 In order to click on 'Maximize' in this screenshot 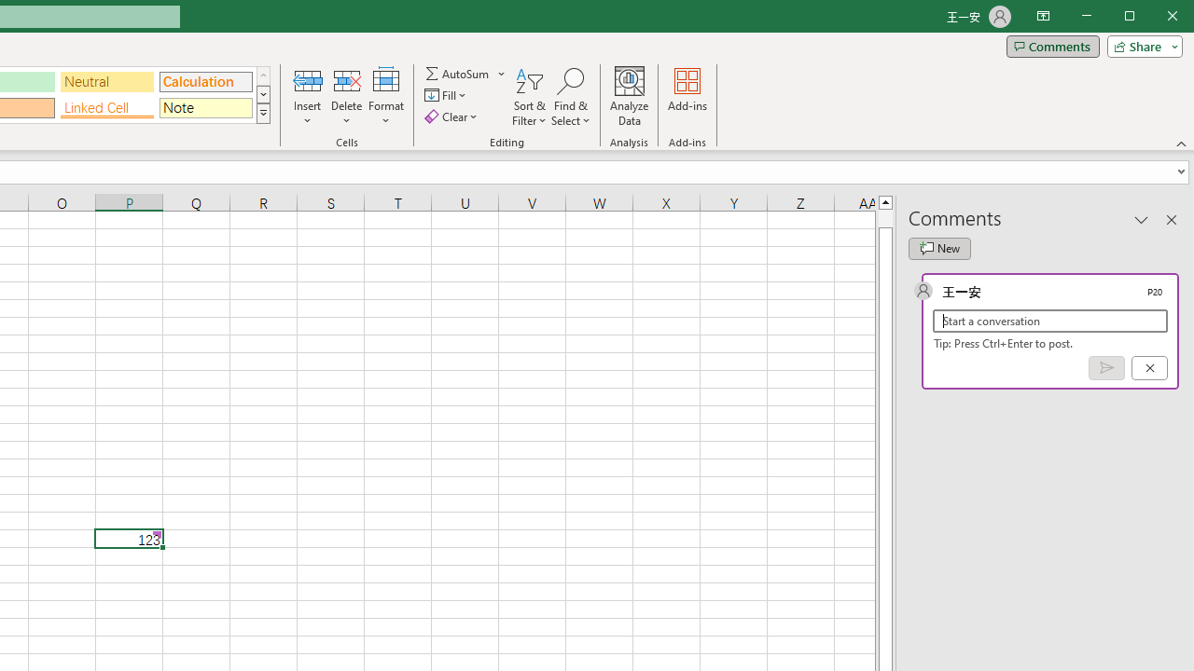, I will do `click(1155, 18)`.